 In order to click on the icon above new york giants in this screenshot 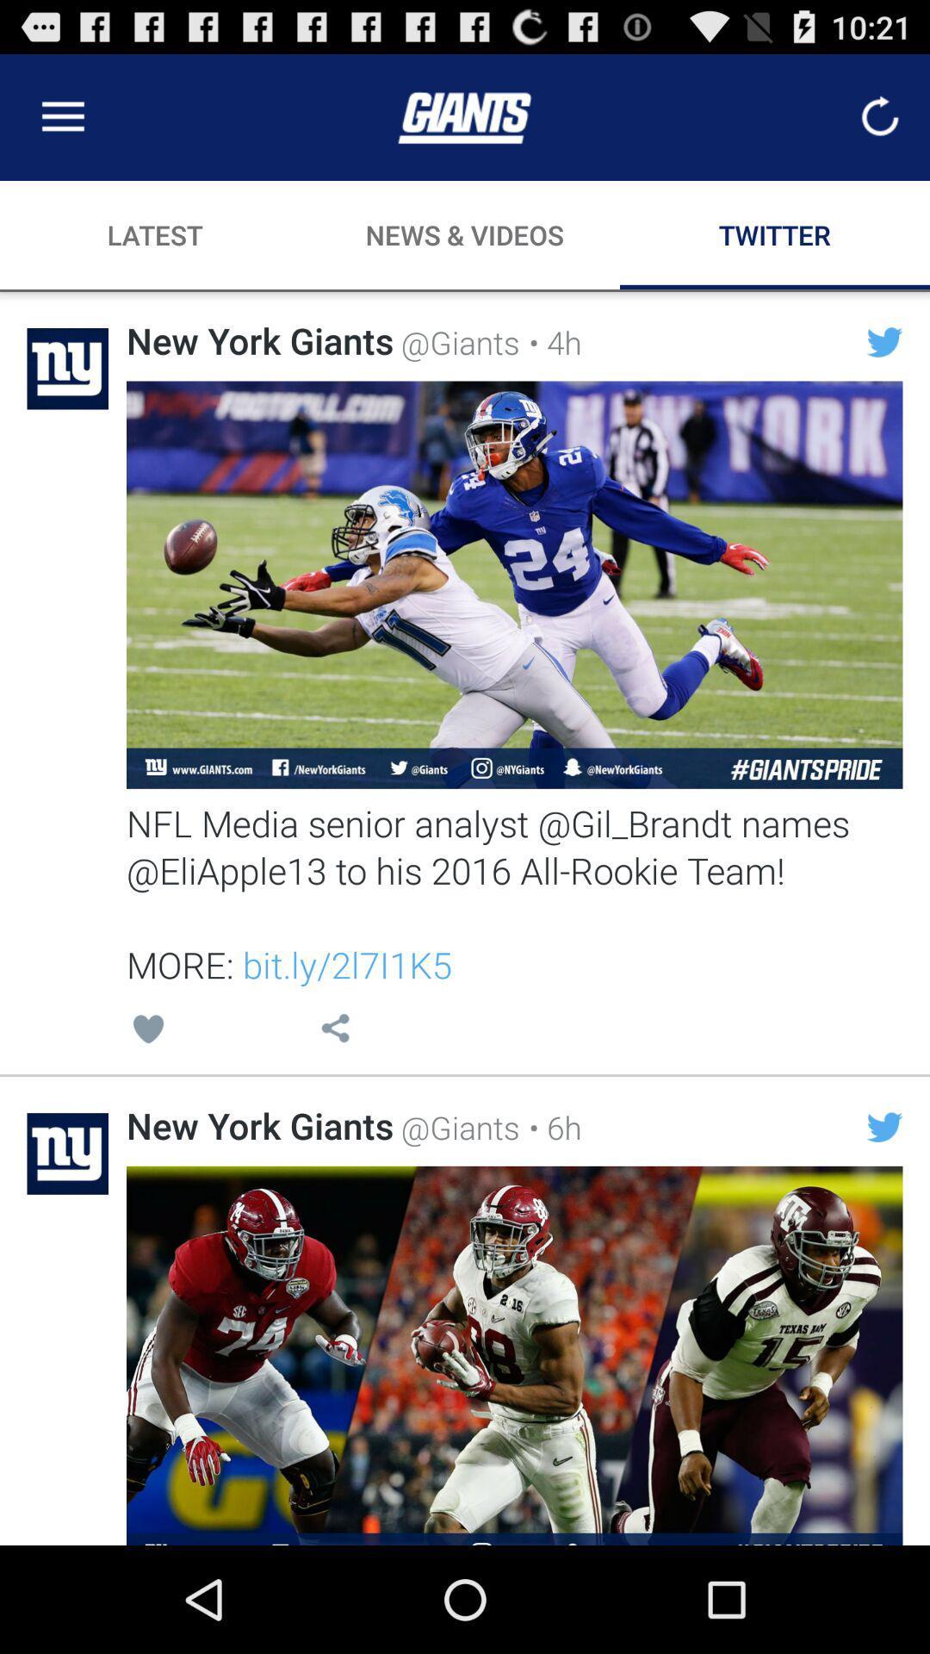, I will do `click(335, 1031)`.